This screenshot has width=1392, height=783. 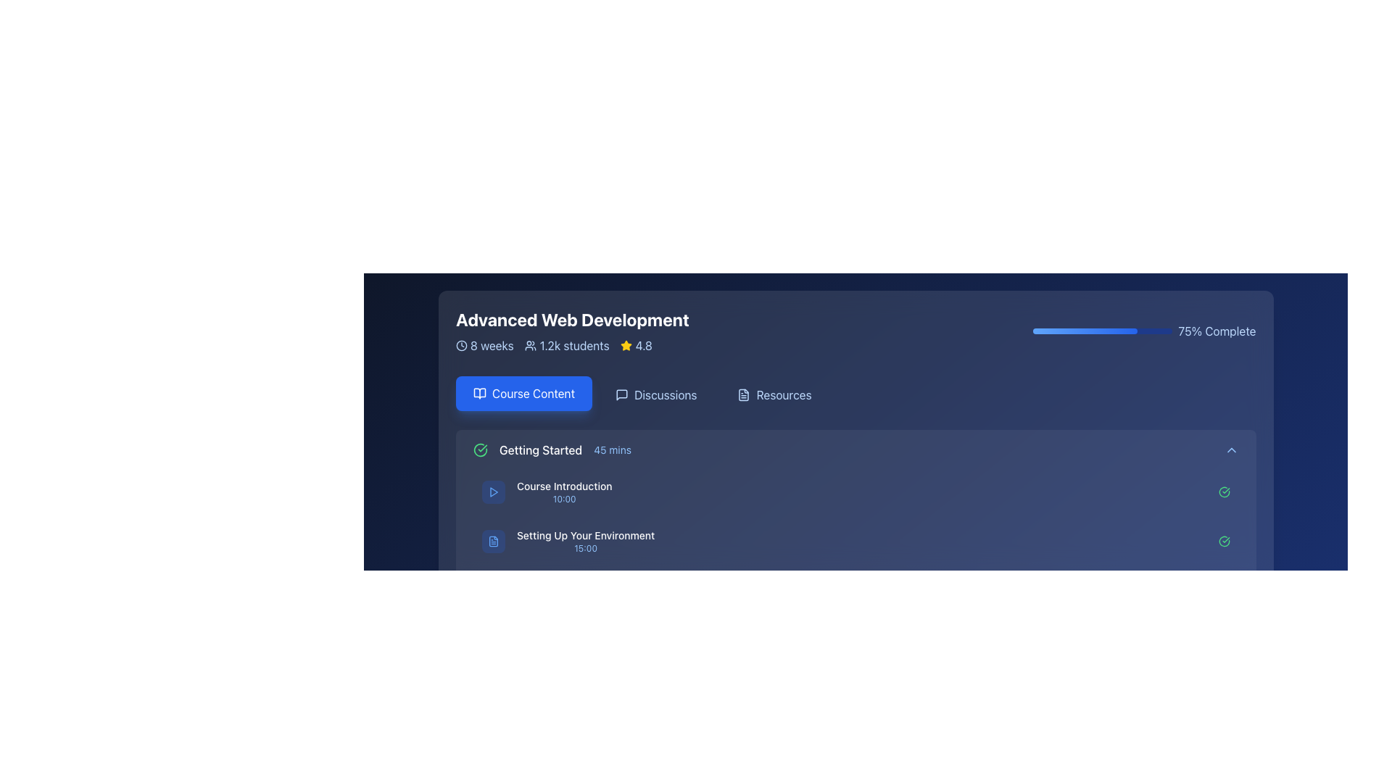 What do you see at coordinates (480, 449) in the screenshot?
I see `the completion icon indicating that the 'Getting Started' course has been marked as verified` at bounding box center [480, 449].